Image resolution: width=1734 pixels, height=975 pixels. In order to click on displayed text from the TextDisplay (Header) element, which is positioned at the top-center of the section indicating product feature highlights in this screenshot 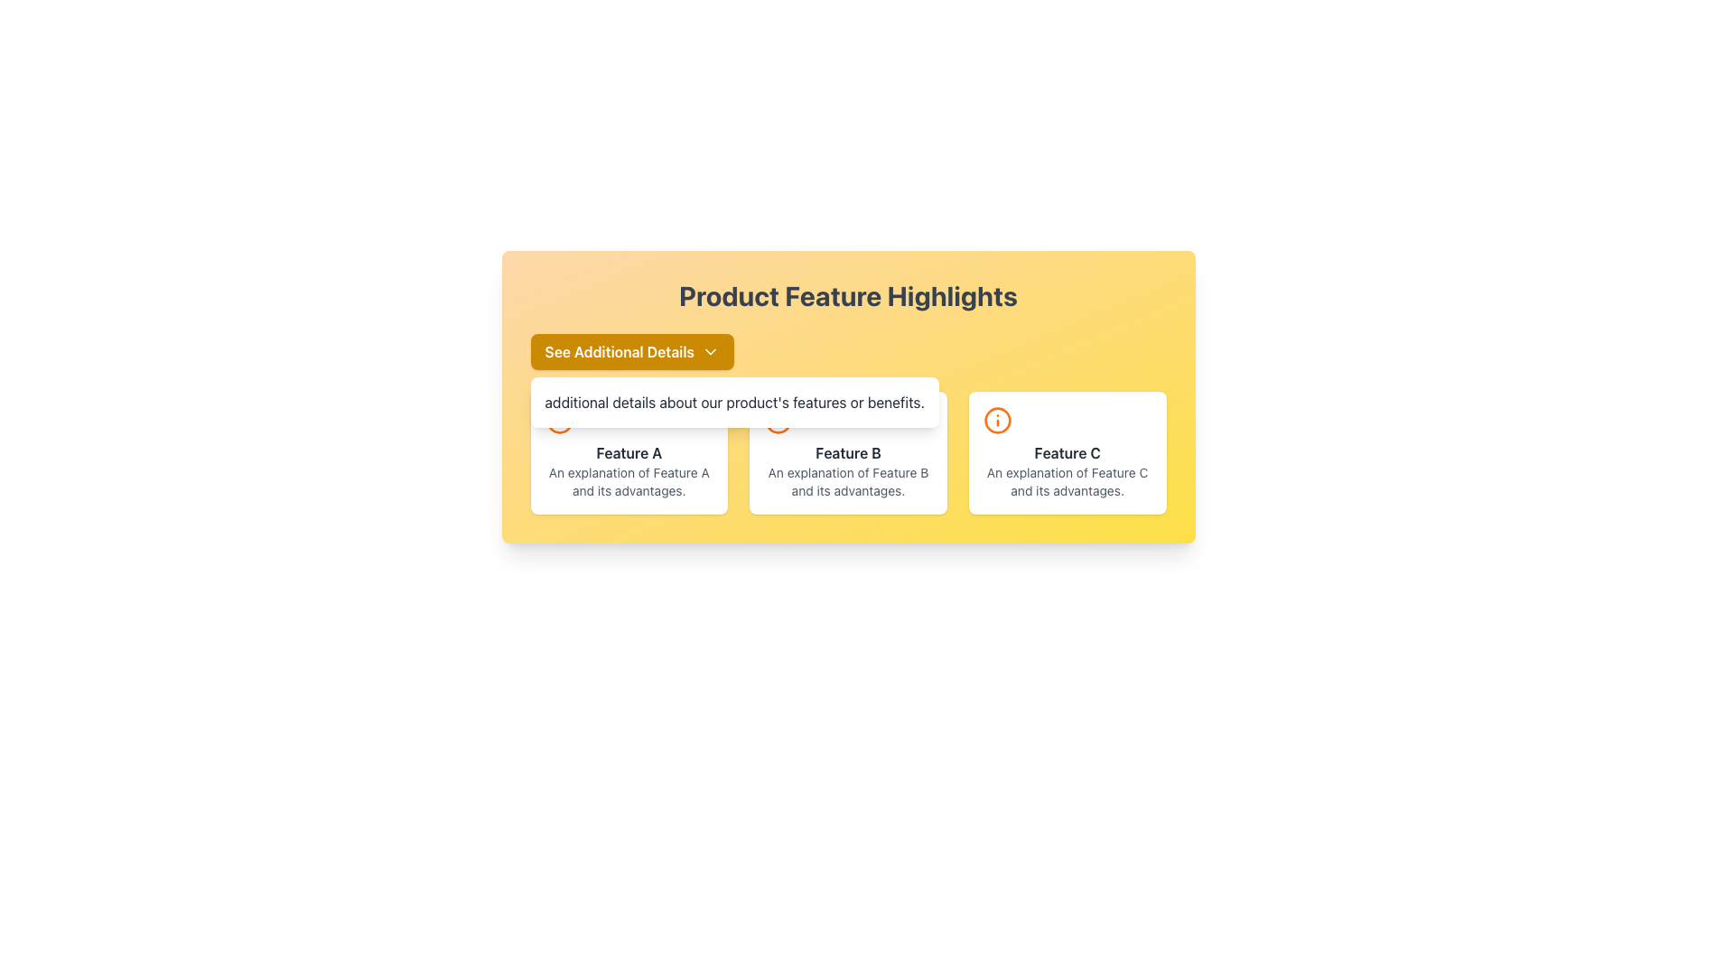, I will do `click(847, 294)`.